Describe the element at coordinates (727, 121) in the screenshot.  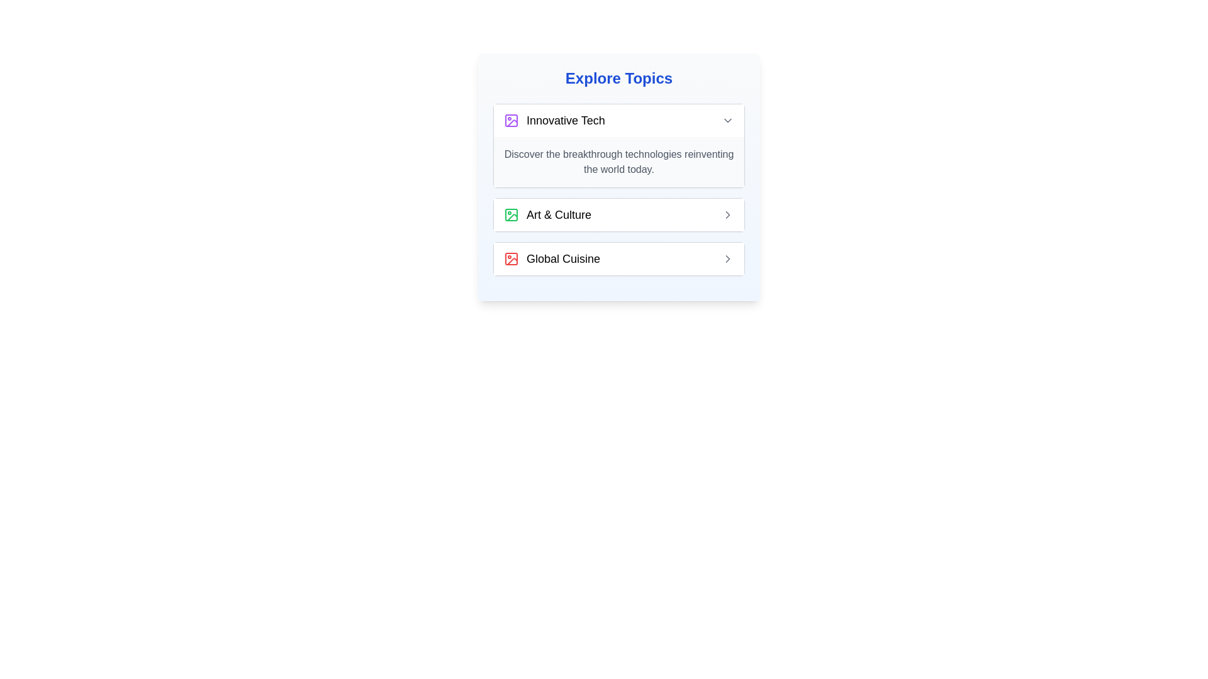
I see `the downward-pointing chevron icon in the 'Explore Topics' panel, located in the 'Innovative Tech' row` at that location.